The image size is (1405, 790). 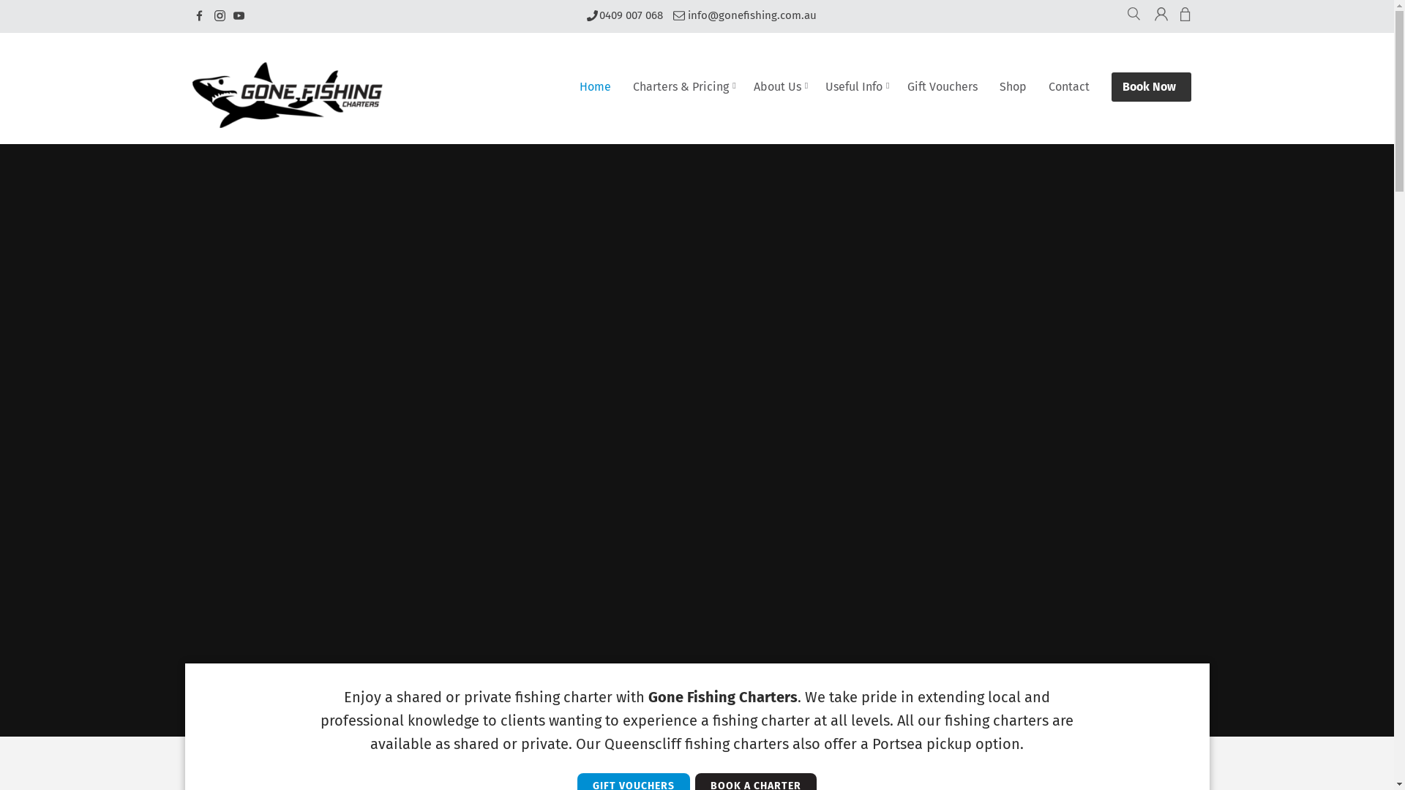 What do you see at coordinates (683, 87) in the screenshot?
I see `'Charters & Pricing'` at bounding box center [683, 87].